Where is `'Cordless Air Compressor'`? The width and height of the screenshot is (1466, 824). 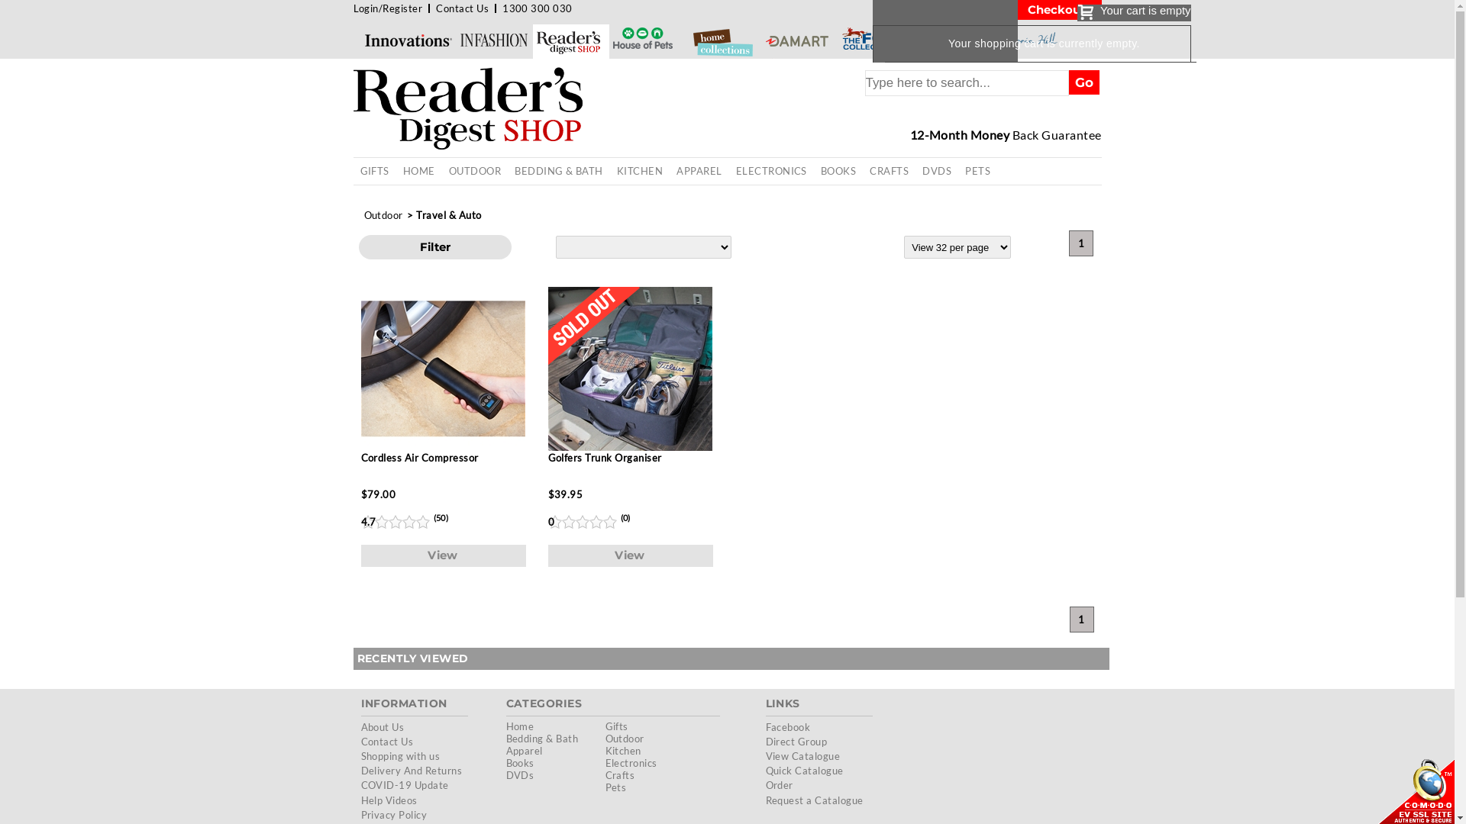 'Cordless Air Compressor' is located at coordinates (441, 383).